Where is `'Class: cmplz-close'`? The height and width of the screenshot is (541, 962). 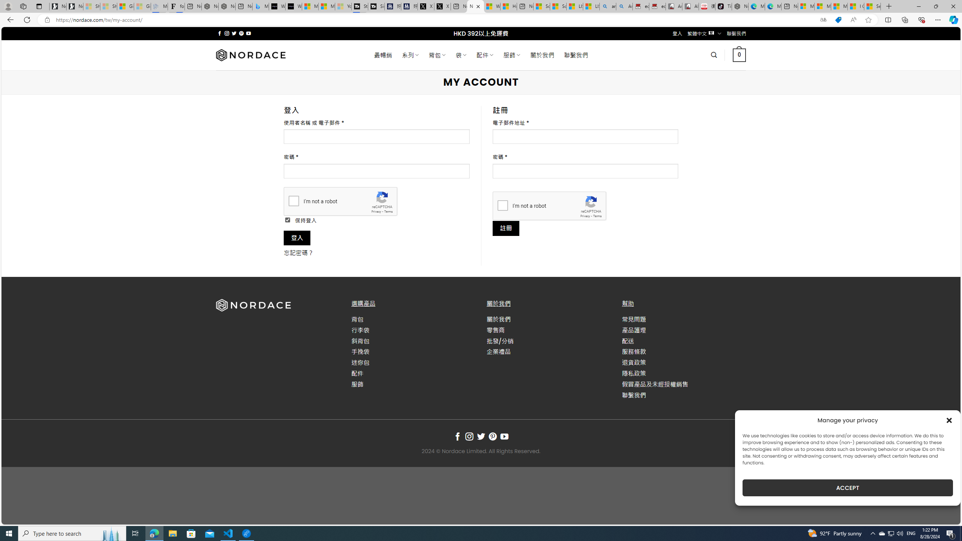 'Class: cmplz-close' is located at coordinates (949, 420).